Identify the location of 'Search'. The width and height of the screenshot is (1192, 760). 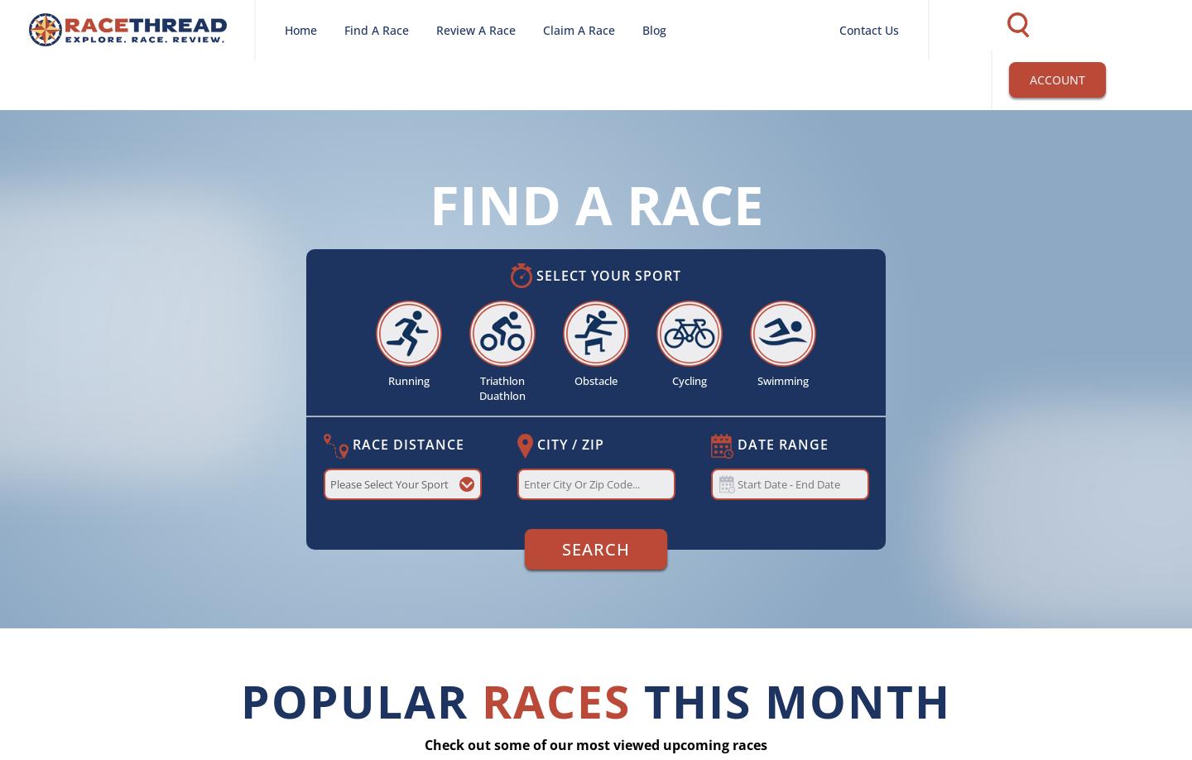
(596, 549).